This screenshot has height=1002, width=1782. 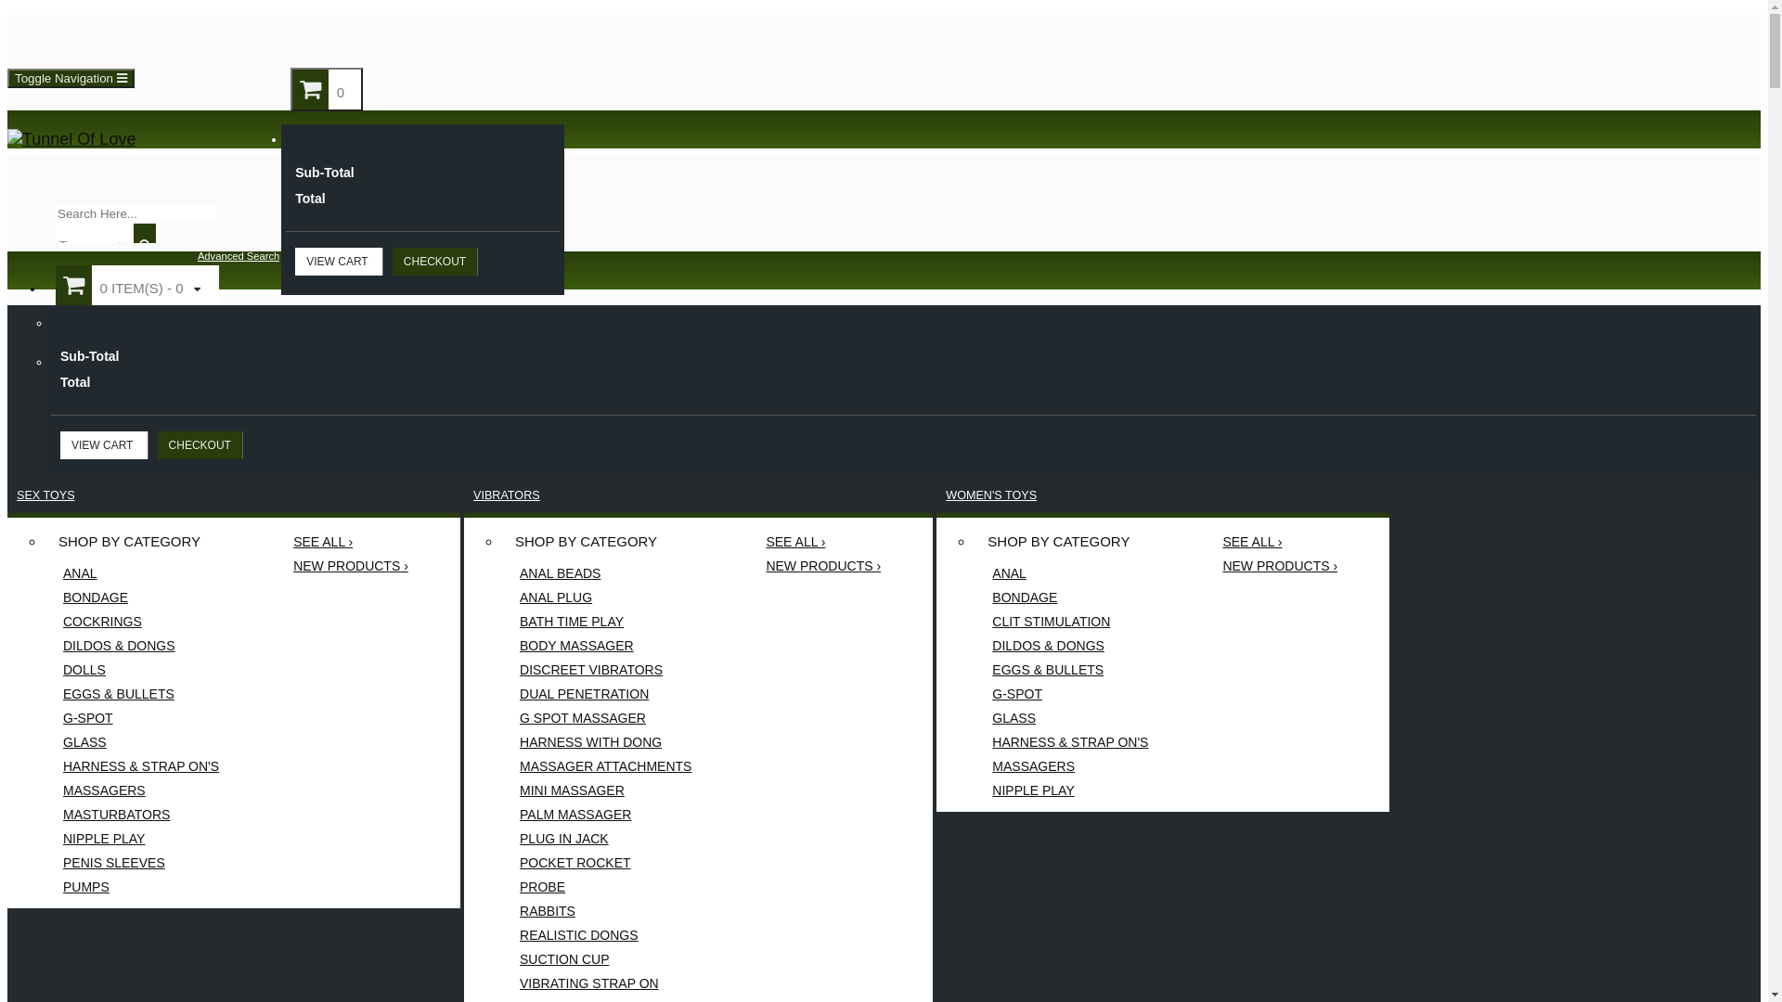 What do you see at coordinates (605, 983) in the screenshot?
I see `'VIBRATING STRAP ON'` at bounding box center [605, 983].